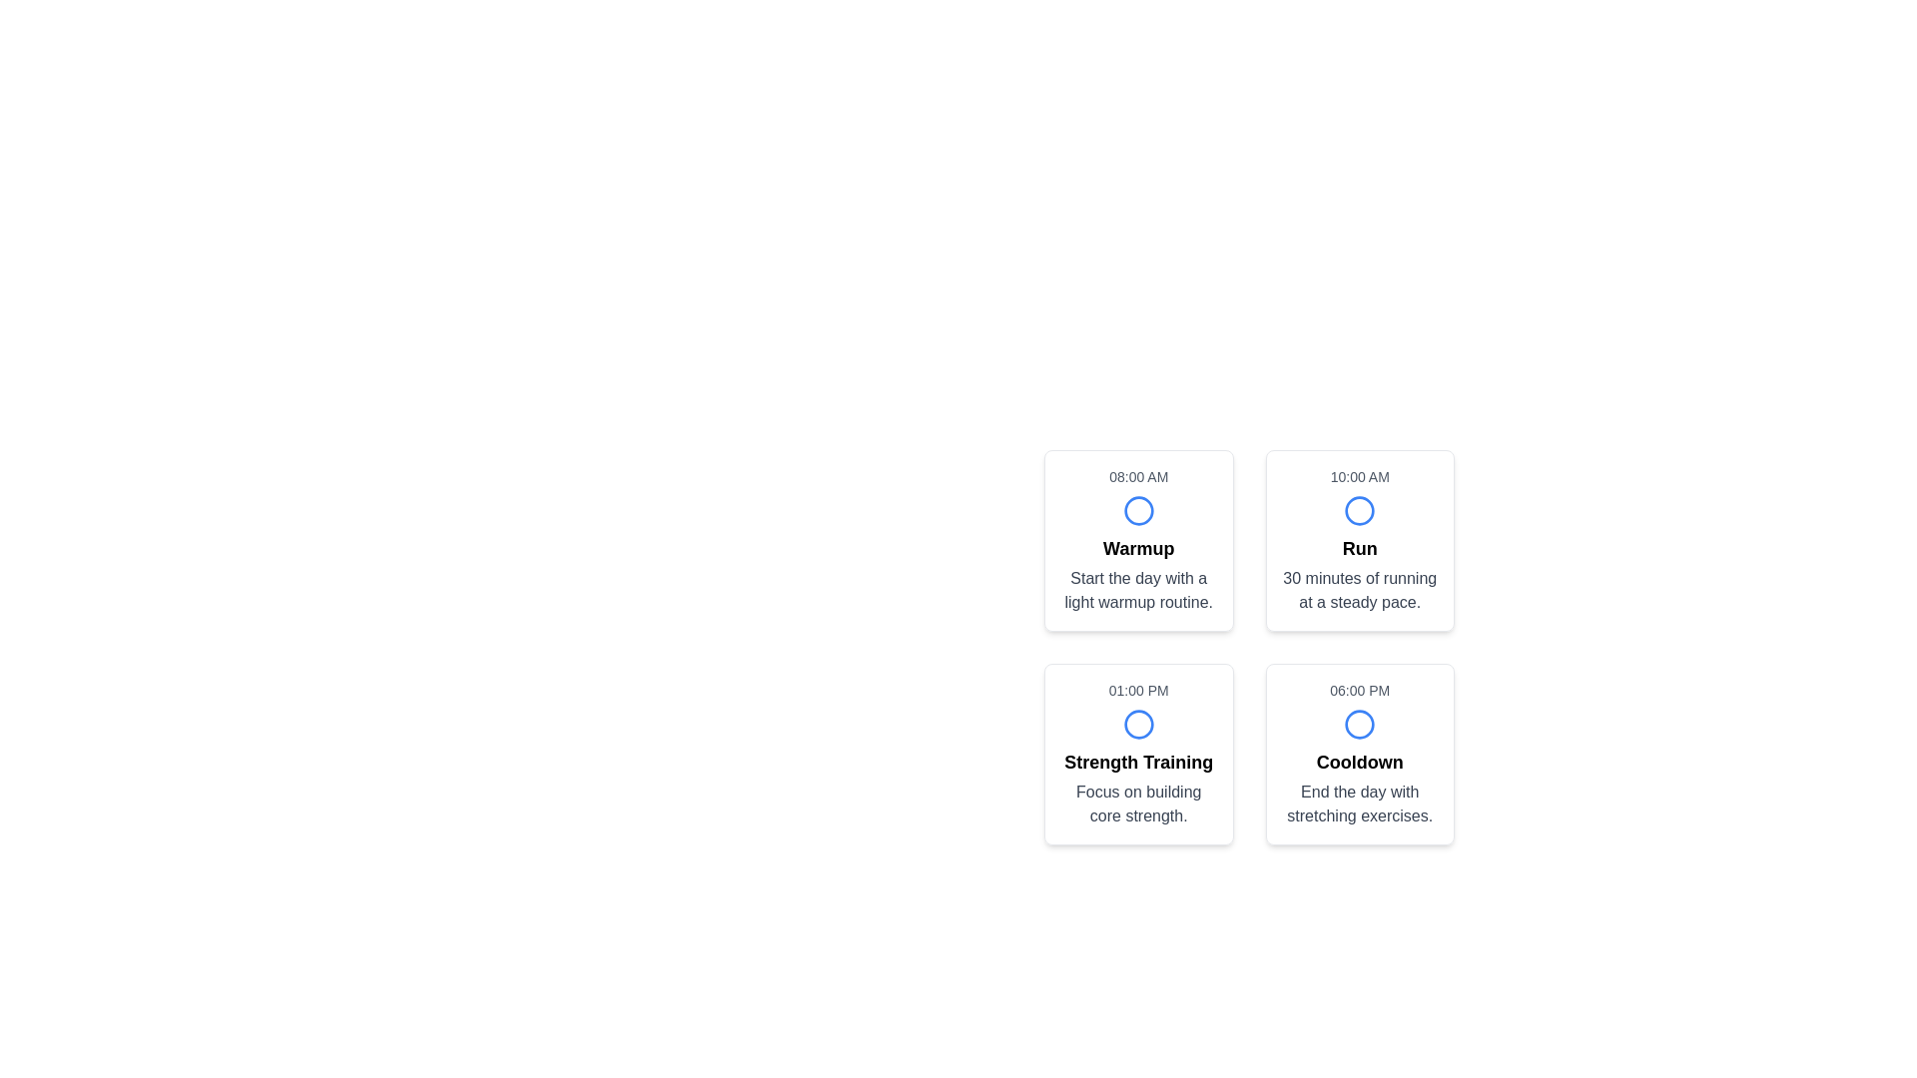 The image size is (1917, 1078). I want to click on descriptive text located inside the card at the bottom-left part of the grid layout, which provides additional information about the 'Strength Training' activity, so click(1138, 804).